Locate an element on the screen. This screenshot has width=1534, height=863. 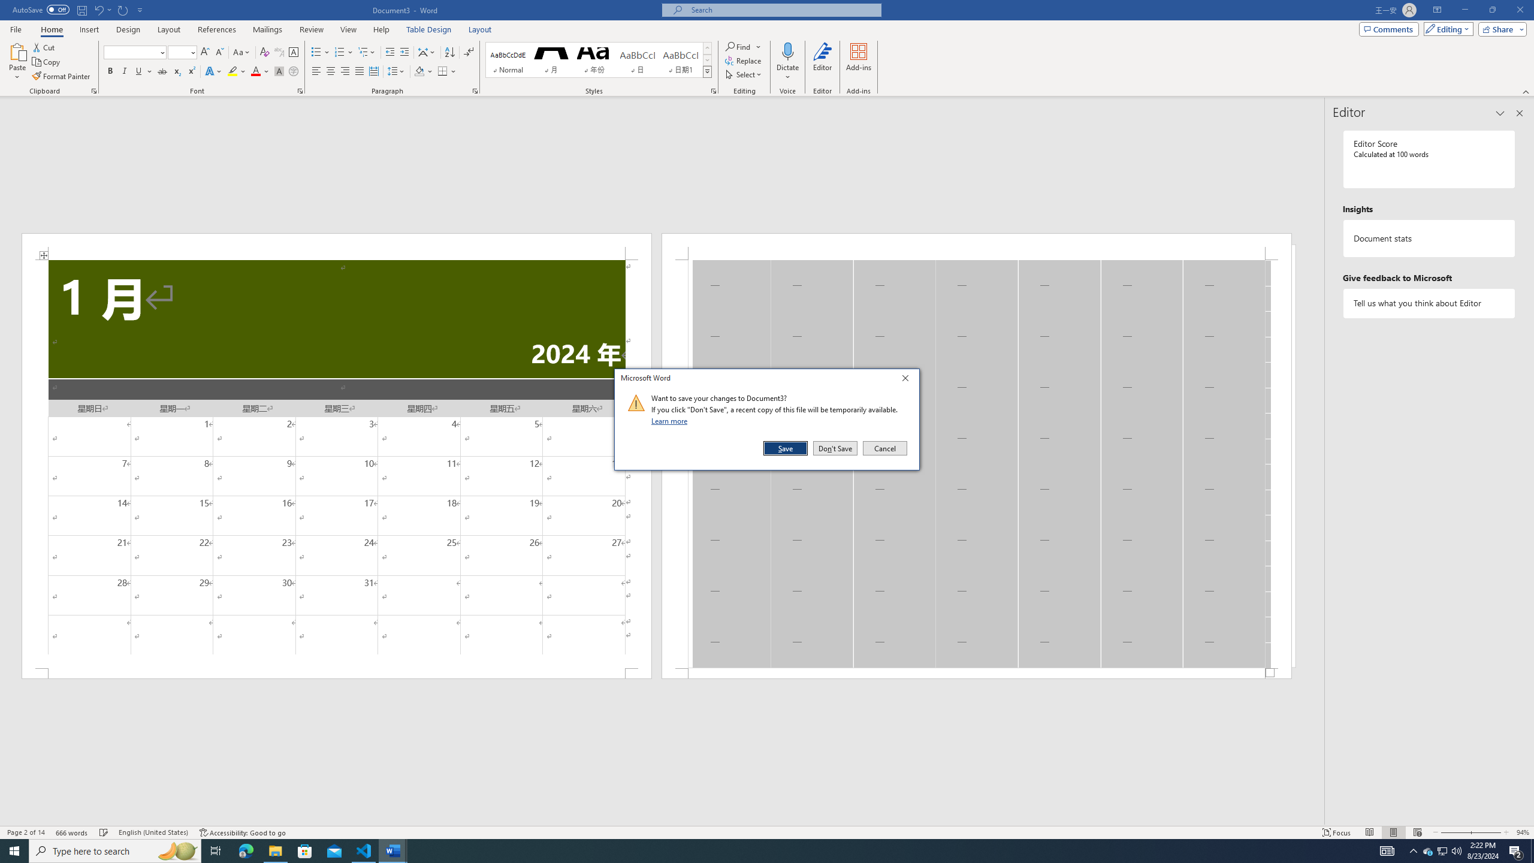
'Collapse the Ribbon' is located at coordinates (1526, 92).